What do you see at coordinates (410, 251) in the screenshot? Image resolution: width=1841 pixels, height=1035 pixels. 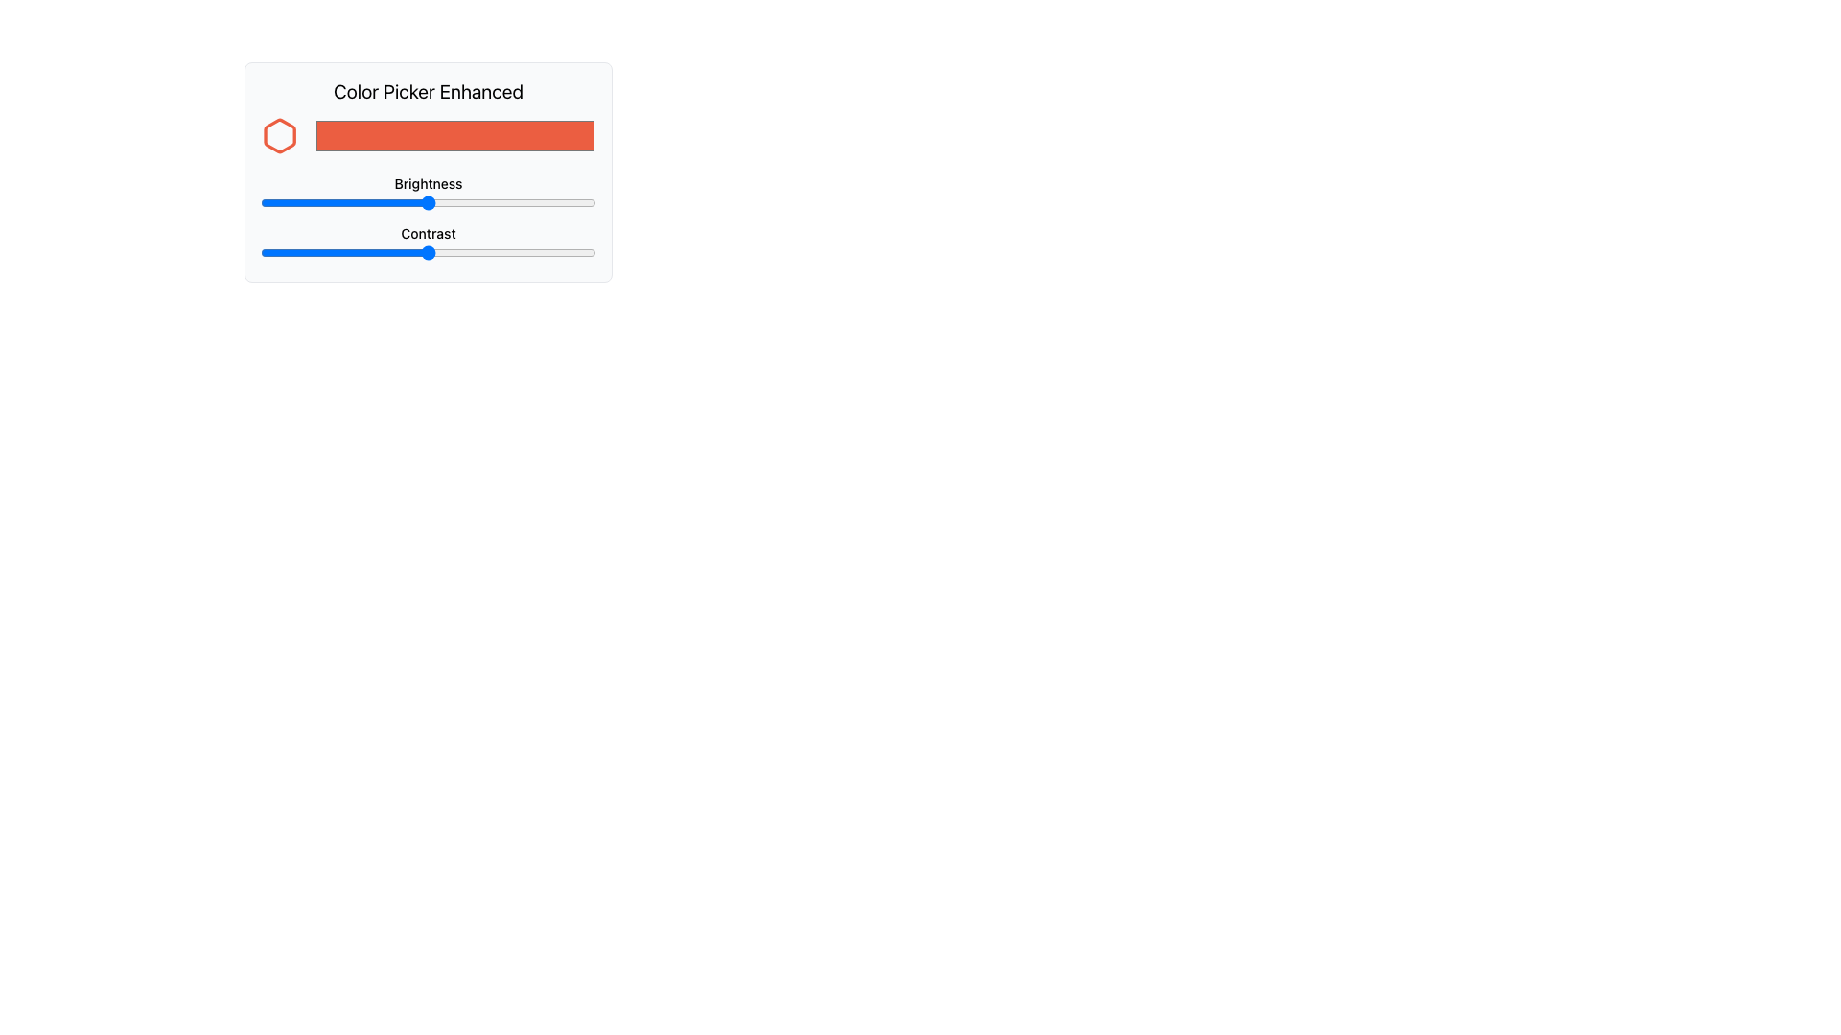 I see `contrast` at bounding box center [410, 251].